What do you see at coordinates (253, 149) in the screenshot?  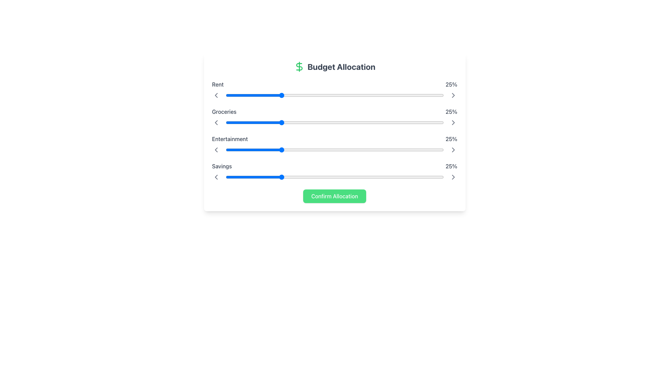 I see `the slider value` at bounding box center [253, 149].